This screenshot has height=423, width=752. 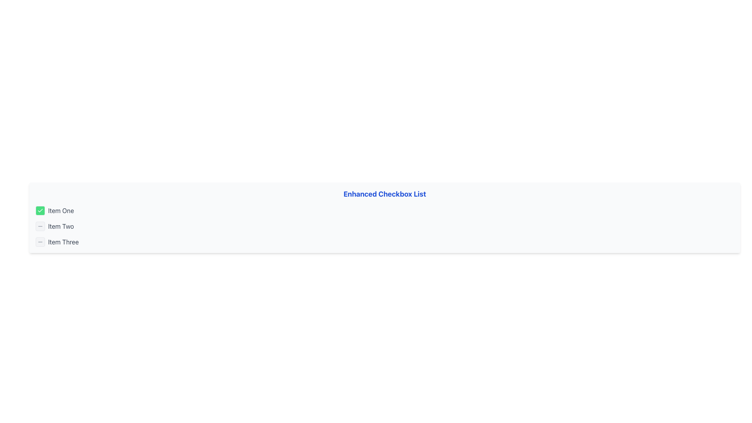 What do you see at coordinates (40, 226) in the screenshot?
I see `the gray square-shaped icon button with a minus sign, which is associated with 'Item Two'` at bounding box center [40, 226].